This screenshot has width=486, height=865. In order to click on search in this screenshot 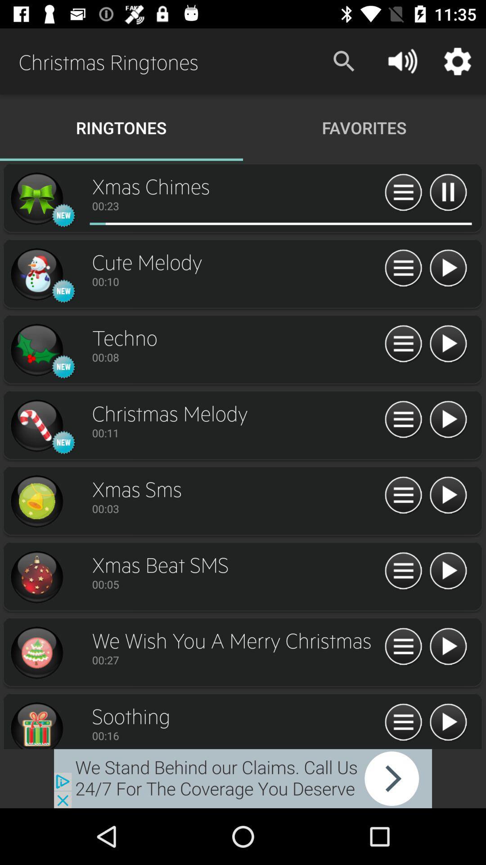, I will do `click(403, 646)`.